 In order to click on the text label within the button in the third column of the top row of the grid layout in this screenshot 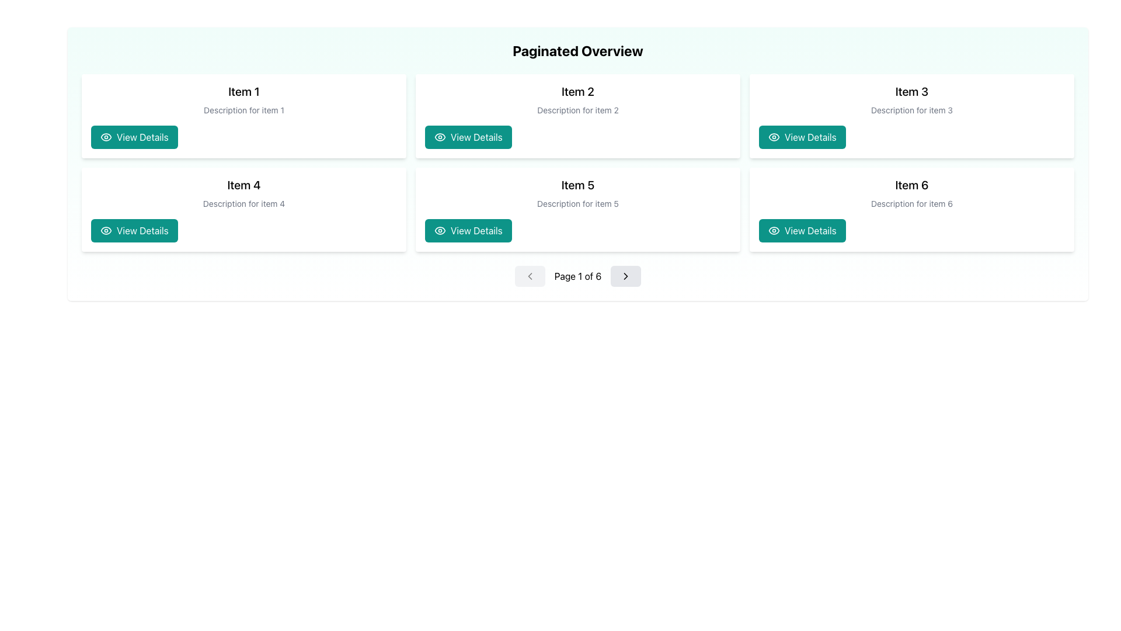, I will do `click(810, 137)`.